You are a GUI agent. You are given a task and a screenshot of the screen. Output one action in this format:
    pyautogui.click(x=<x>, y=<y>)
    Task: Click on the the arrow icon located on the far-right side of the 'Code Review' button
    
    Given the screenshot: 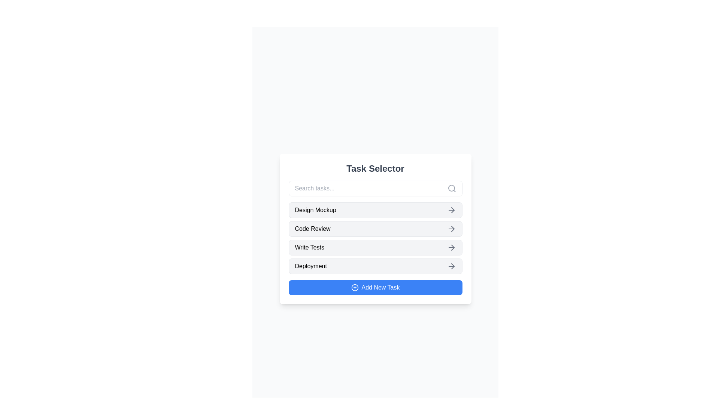 What is the action you would take?
    pyautogui.click(x=451, y=229)
    